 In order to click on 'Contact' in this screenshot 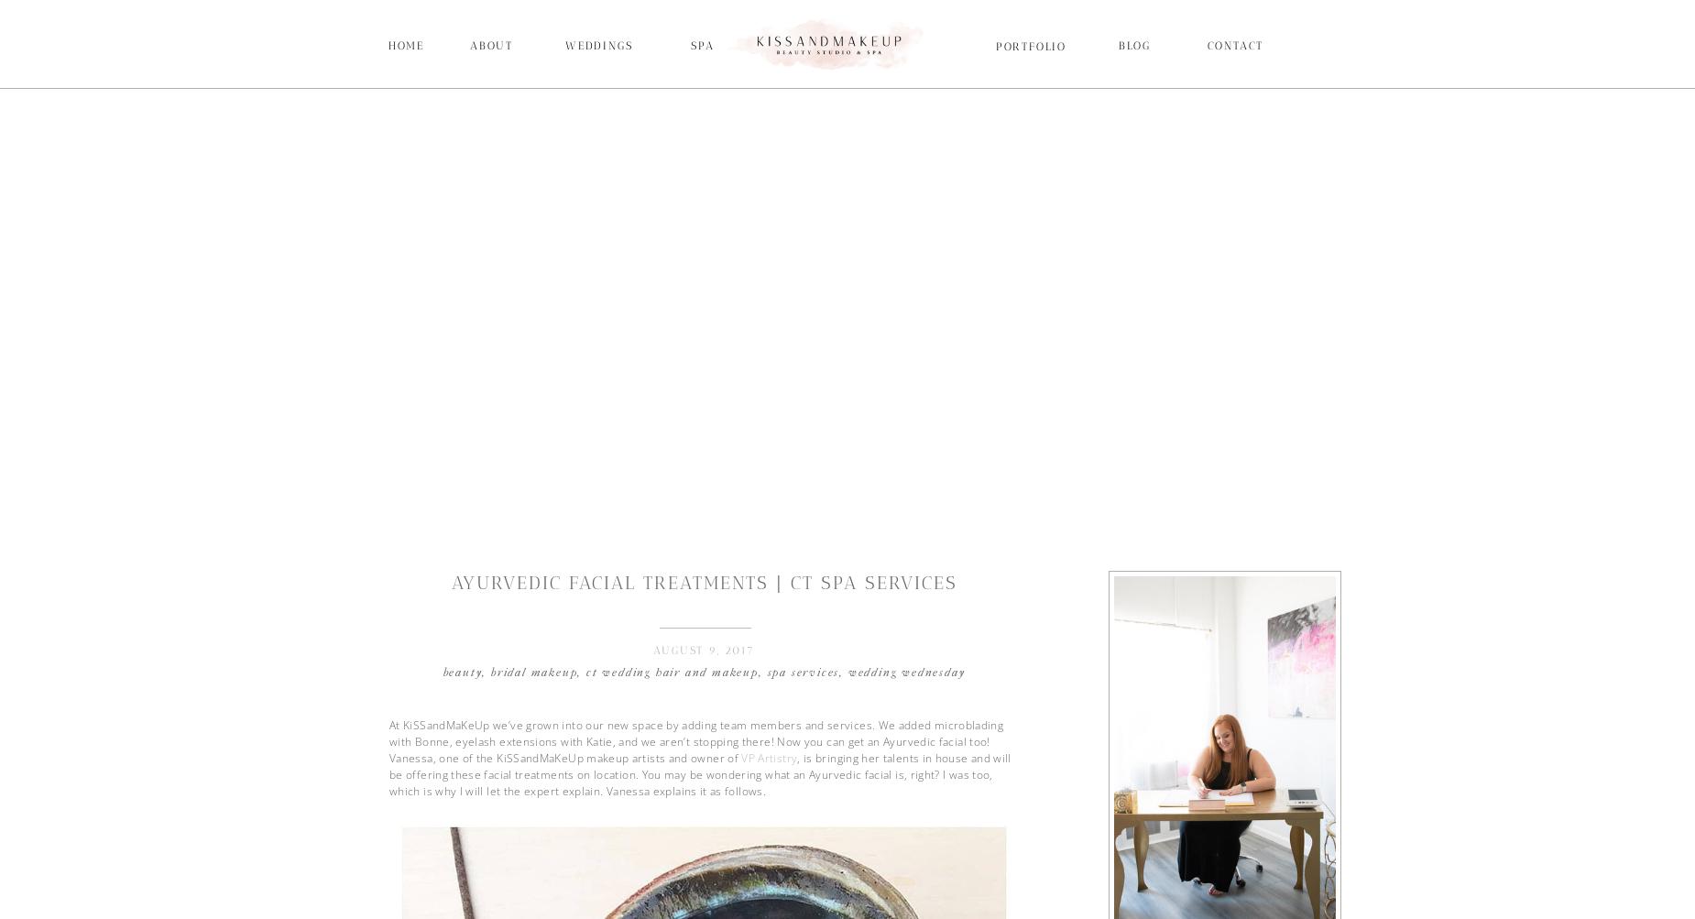, I will do `click(1233, 46)`.